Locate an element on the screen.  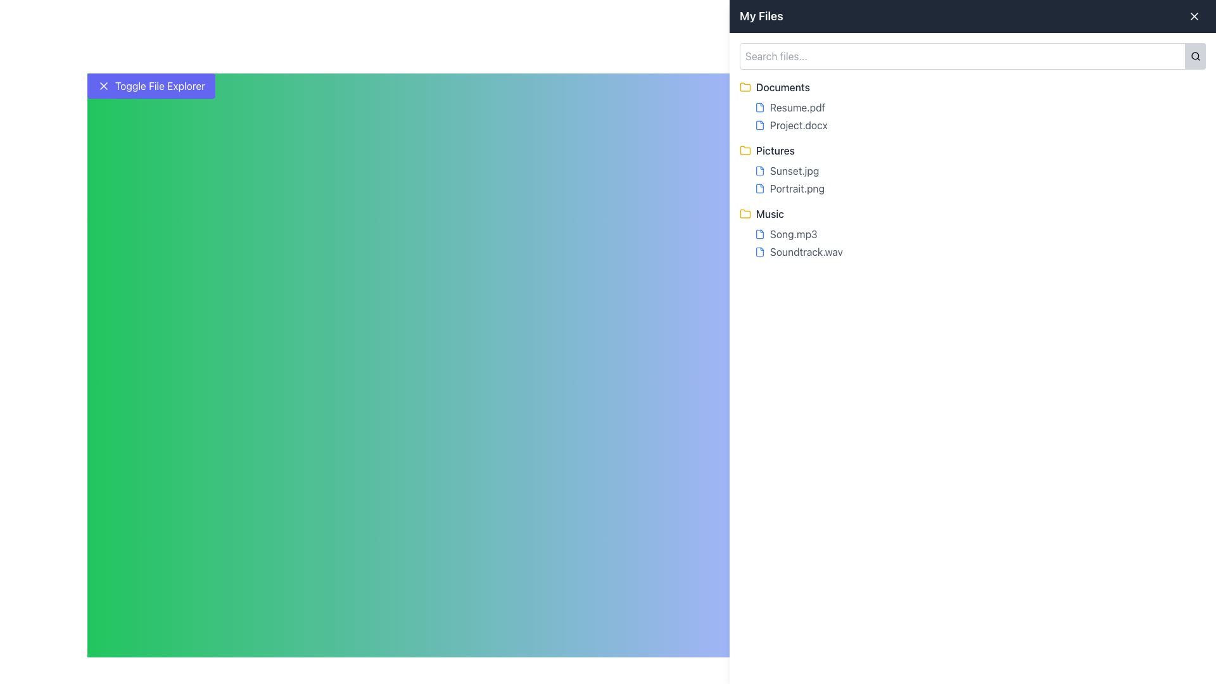
the file icon next to the filename 'Sunset.jpg' in the 'Pictures' folder is located at coordinates (760, 171).